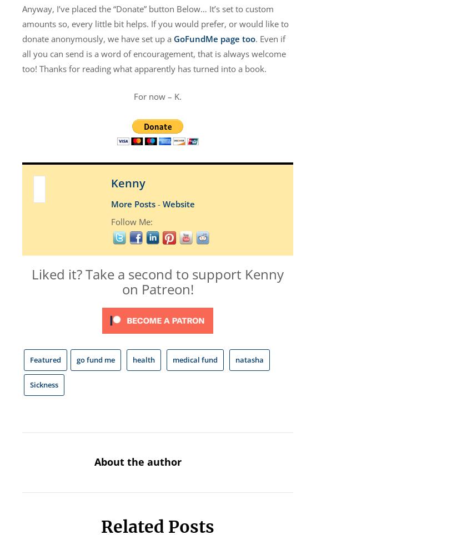 This screenshot has height=535, width=472. I want to click on '-', so click(154, 203).